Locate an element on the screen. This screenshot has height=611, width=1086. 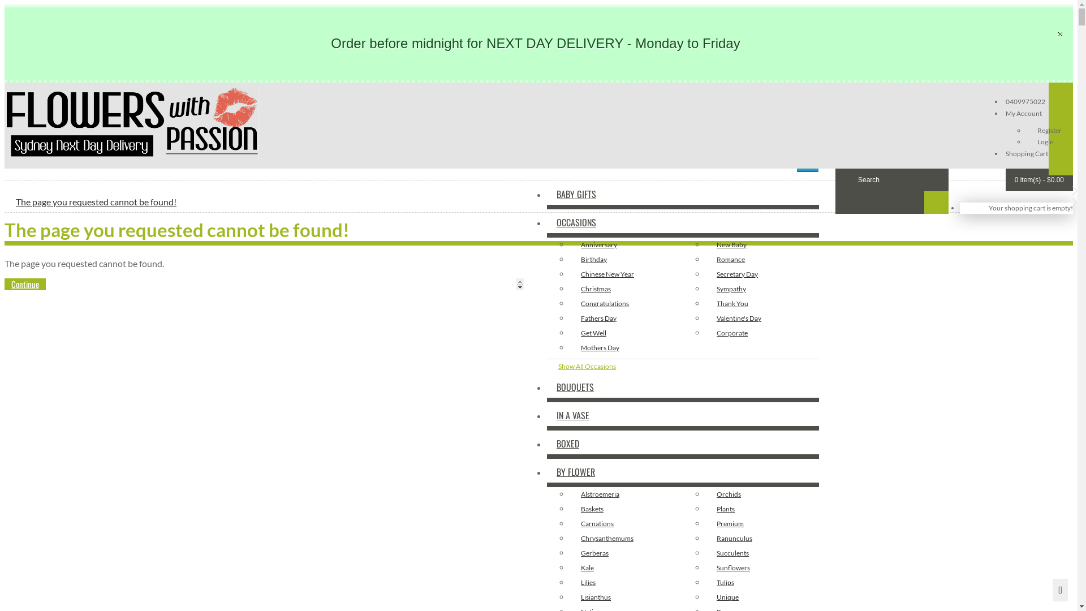
'Mothers Day' is located at coordinates (626, 347).